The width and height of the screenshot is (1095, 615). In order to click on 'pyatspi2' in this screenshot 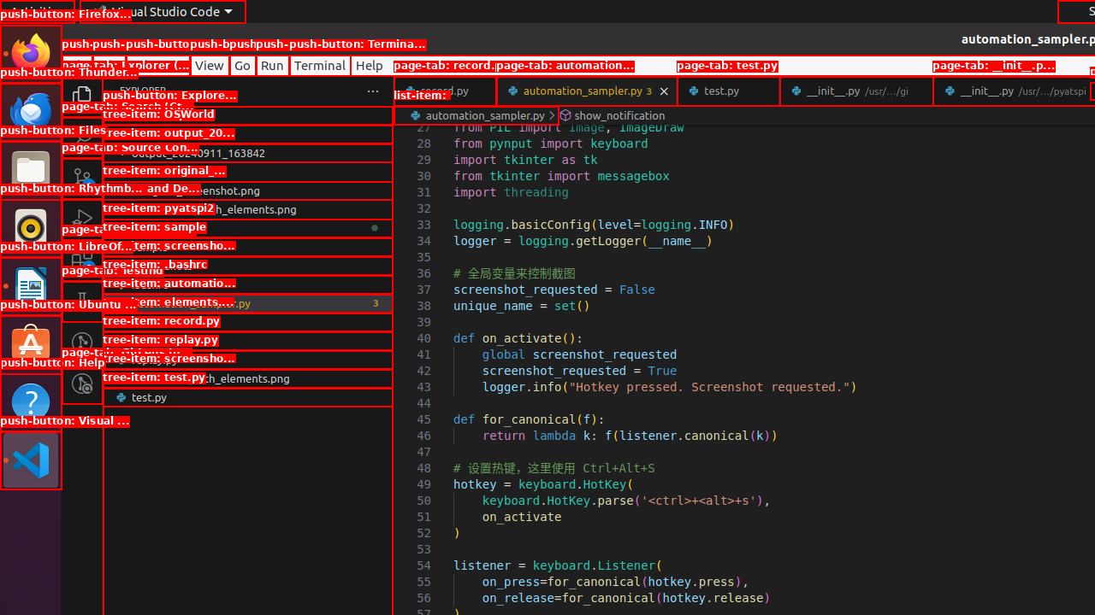, I will do `click(246, 226)`.